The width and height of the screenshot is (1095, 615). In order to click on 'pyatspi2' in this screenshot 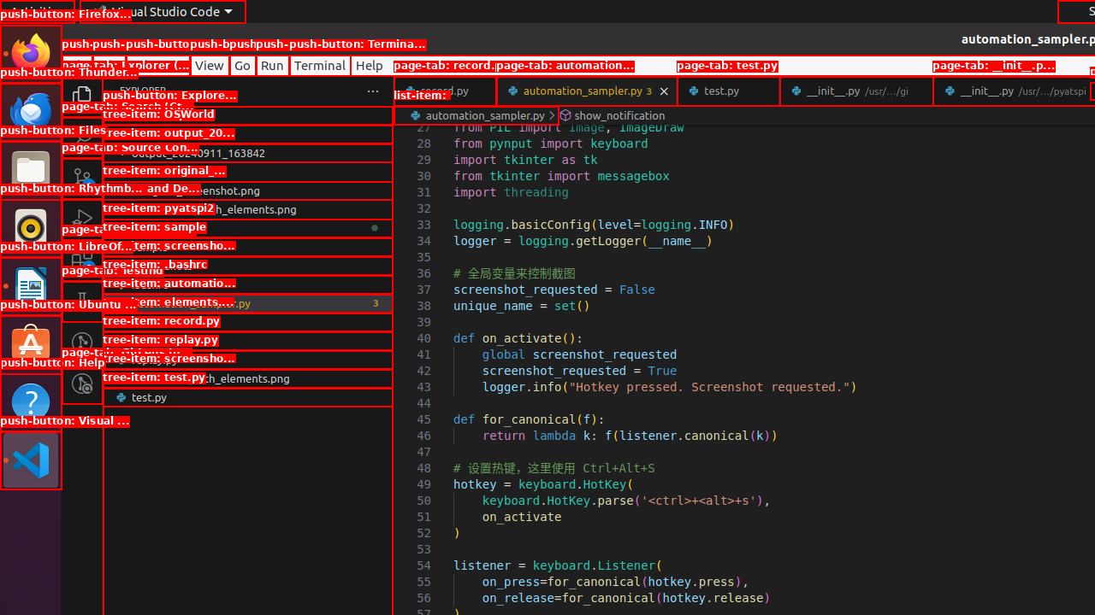, I will do `click(246, 226)`.